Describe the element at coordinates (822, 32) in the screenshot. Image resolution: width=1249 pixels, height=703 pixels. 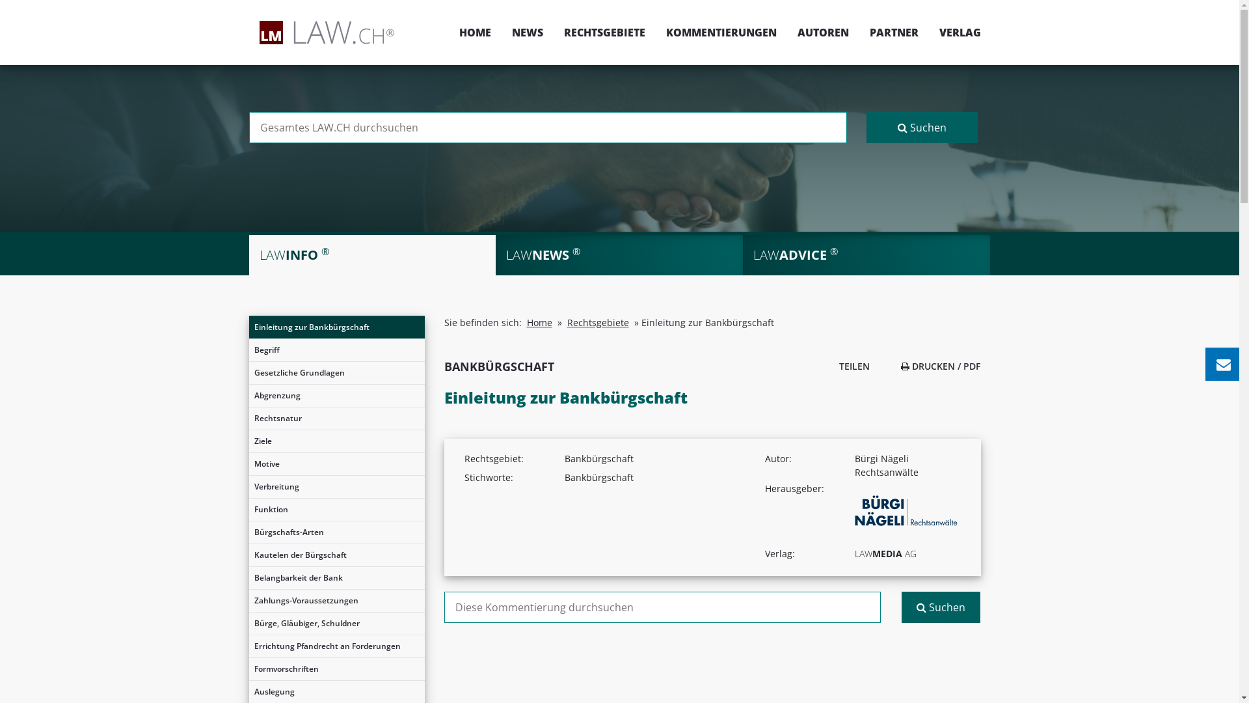
I see `'AUTOREN'` at that location.